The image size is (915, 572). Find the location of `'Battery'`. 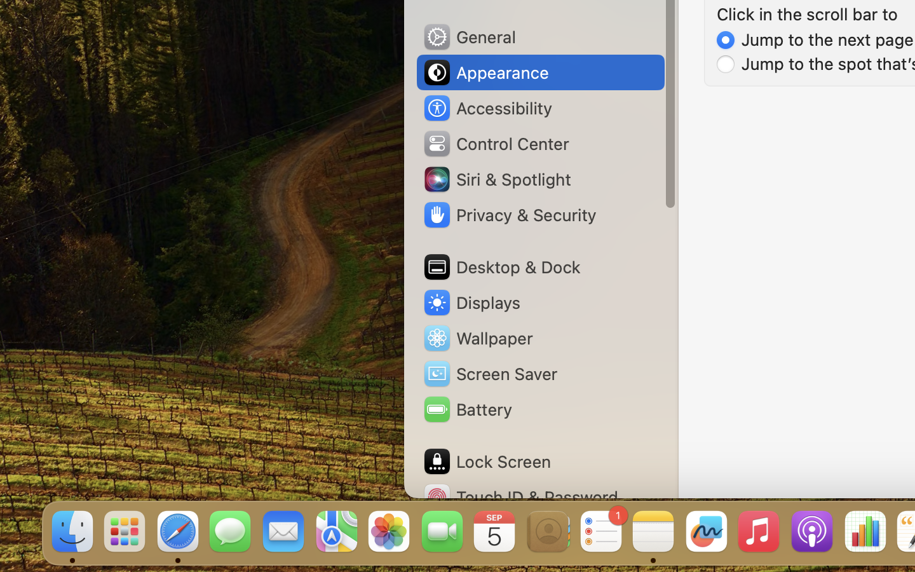

'Battery' is located at coordinates (466, 409).